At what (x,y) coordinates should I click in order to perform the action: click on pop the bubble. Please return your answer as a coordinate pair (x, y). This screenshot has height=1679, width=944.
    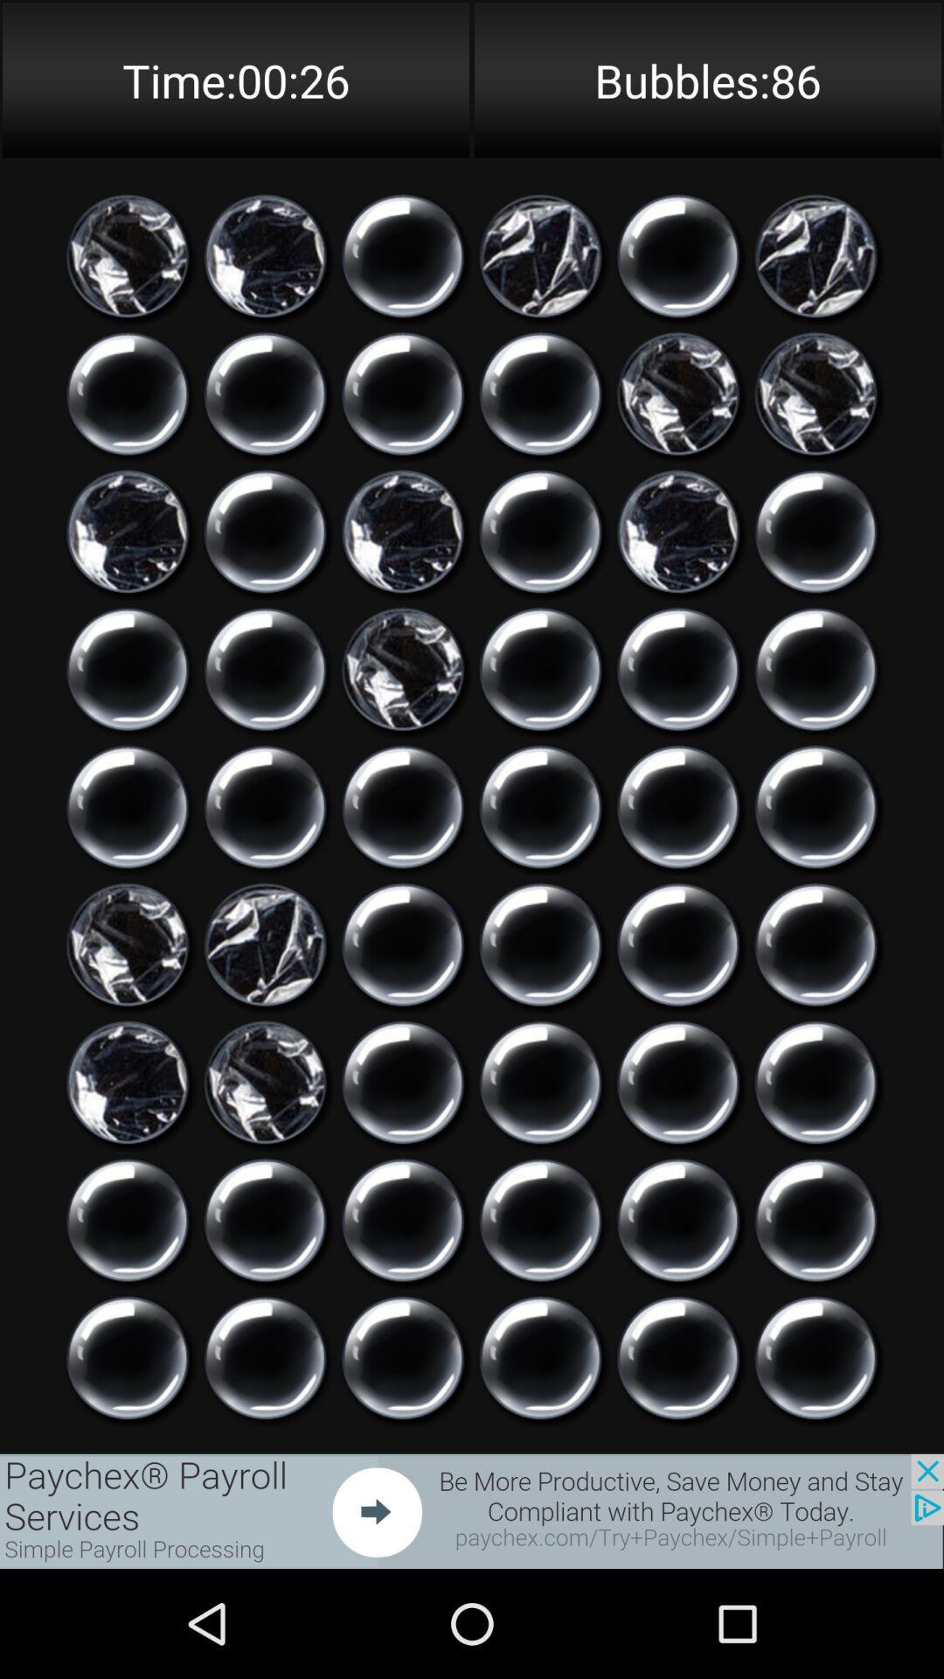
    Looking at the image, I should click on (265, 1082).